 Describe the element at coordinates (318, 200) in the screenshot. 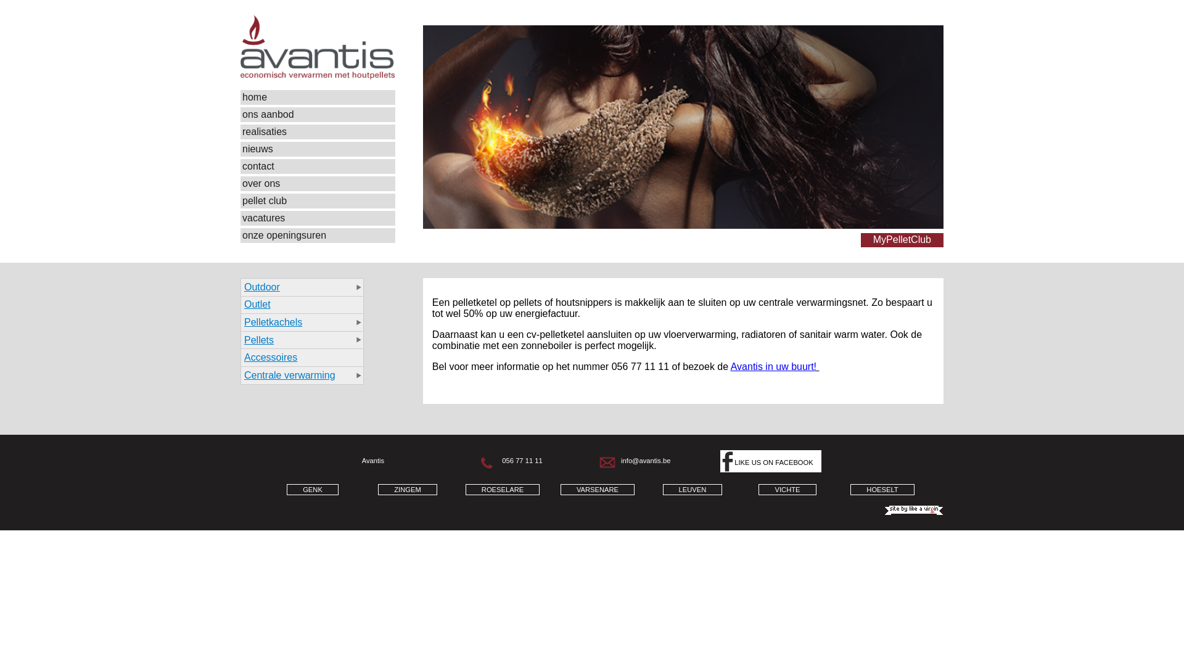

I see `'pellet club'` at that location.